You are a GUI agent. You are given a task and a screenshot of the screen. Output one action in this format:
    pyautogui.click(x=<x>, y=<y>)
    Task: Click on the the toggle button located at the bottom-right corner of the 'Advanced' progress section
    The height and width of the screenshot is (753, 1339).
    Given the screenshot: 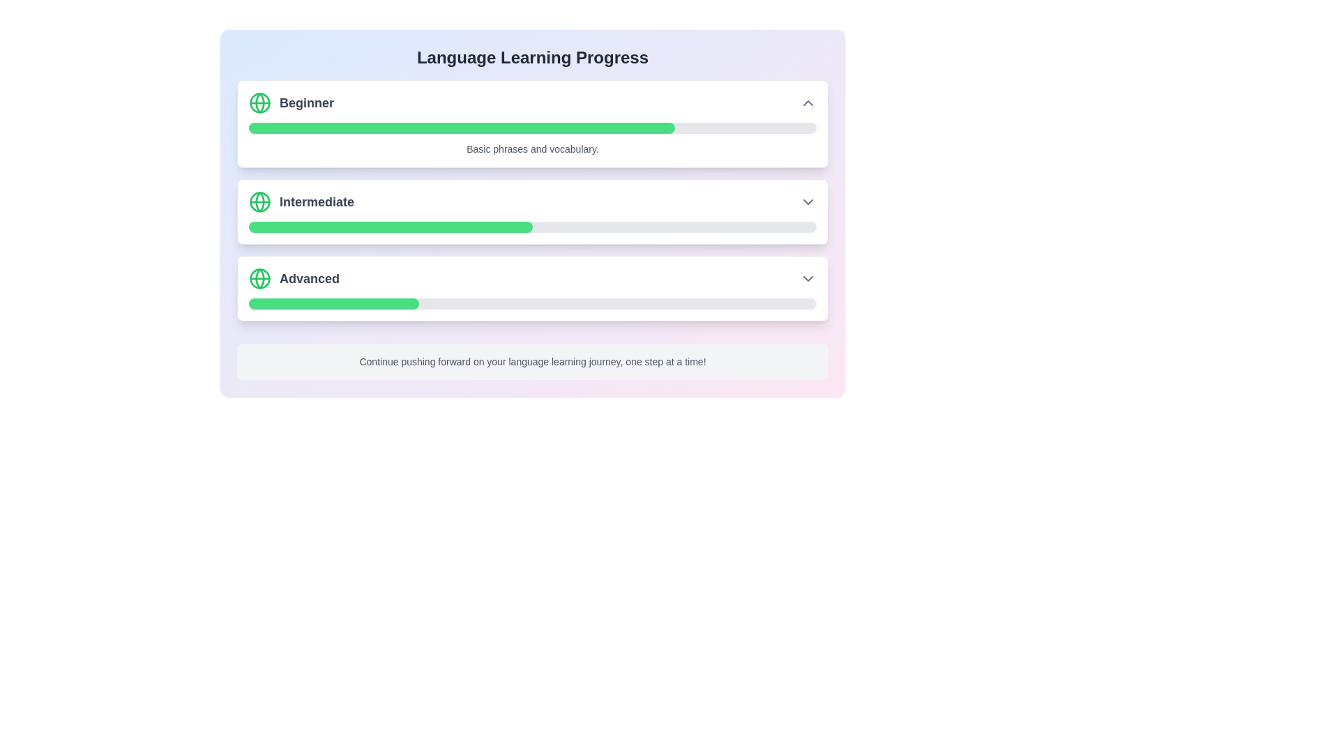 What is the action you would take?
    pyautogui.click(x=808, y=279)
    